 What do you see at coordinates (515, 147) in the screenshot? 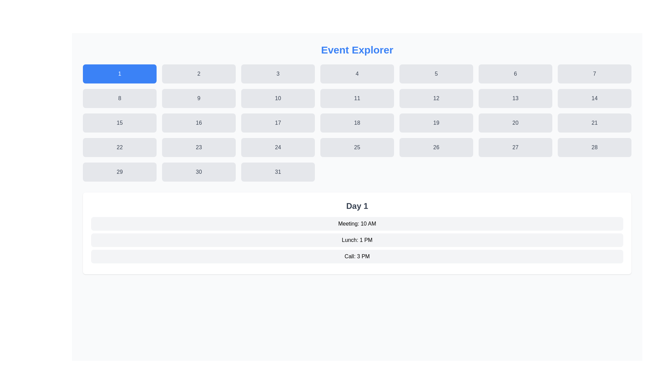
I see `the rounded rectangular button with a light gray background and bold dark gray text labeled '27'` at bounding box center [515, 147].